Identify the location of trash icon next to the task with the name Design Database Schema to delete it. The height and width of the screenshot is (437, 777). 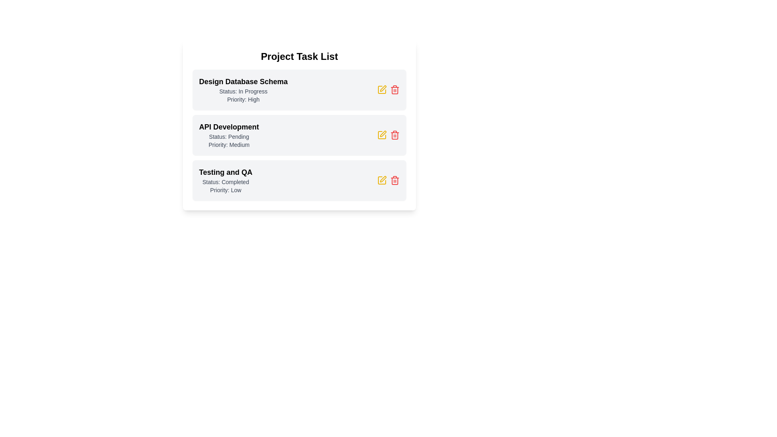
(395, 90).